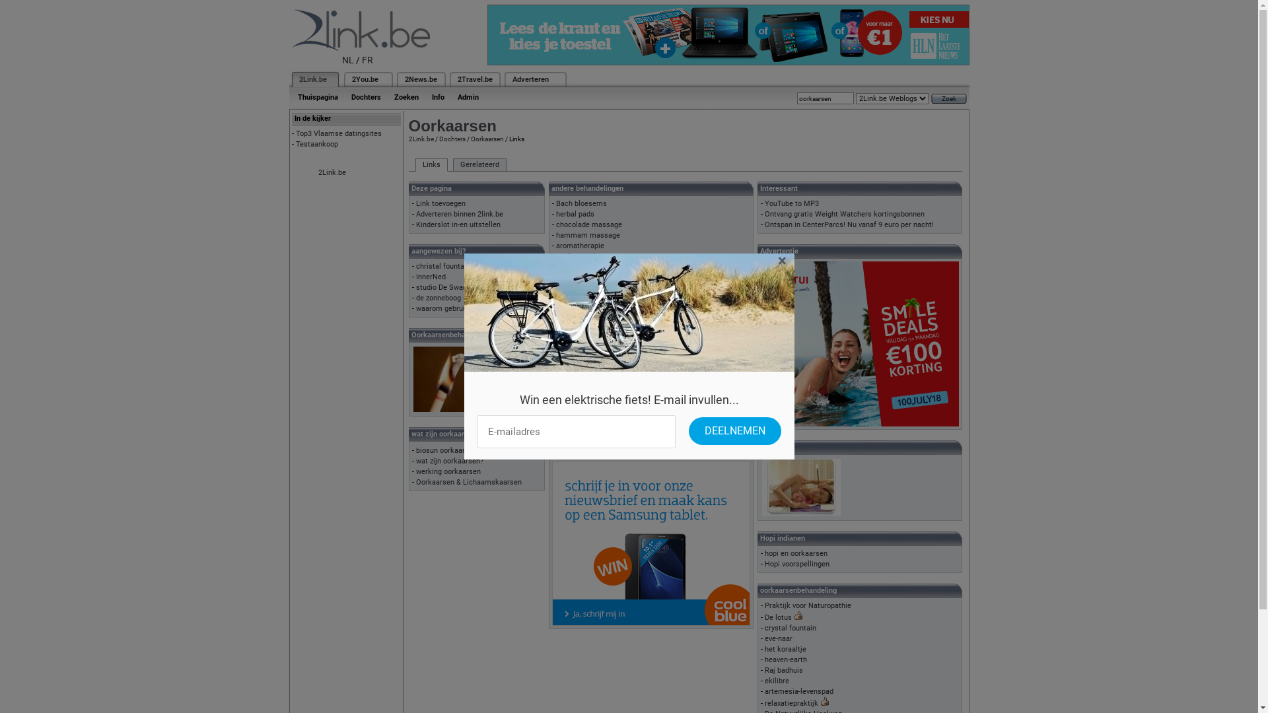 The image size is (1268, 713). I want to click on 'Dochters', so click(438, 139).